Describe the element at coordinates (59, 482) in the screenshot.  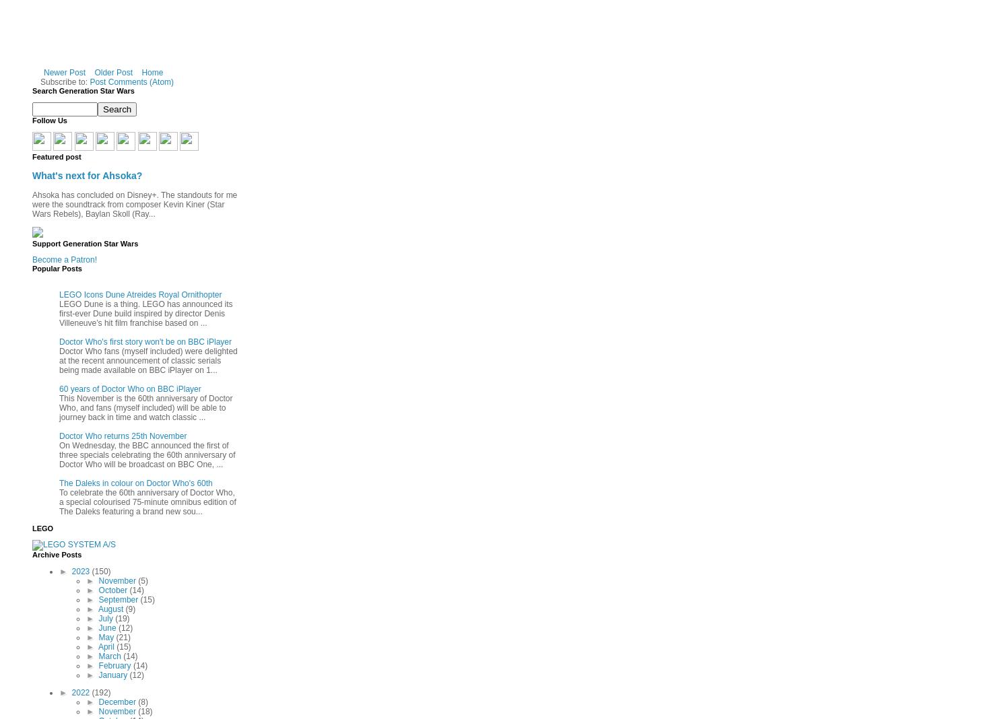
I see `'The Daleks in colour on Doctor Who's 60th'` at that location.